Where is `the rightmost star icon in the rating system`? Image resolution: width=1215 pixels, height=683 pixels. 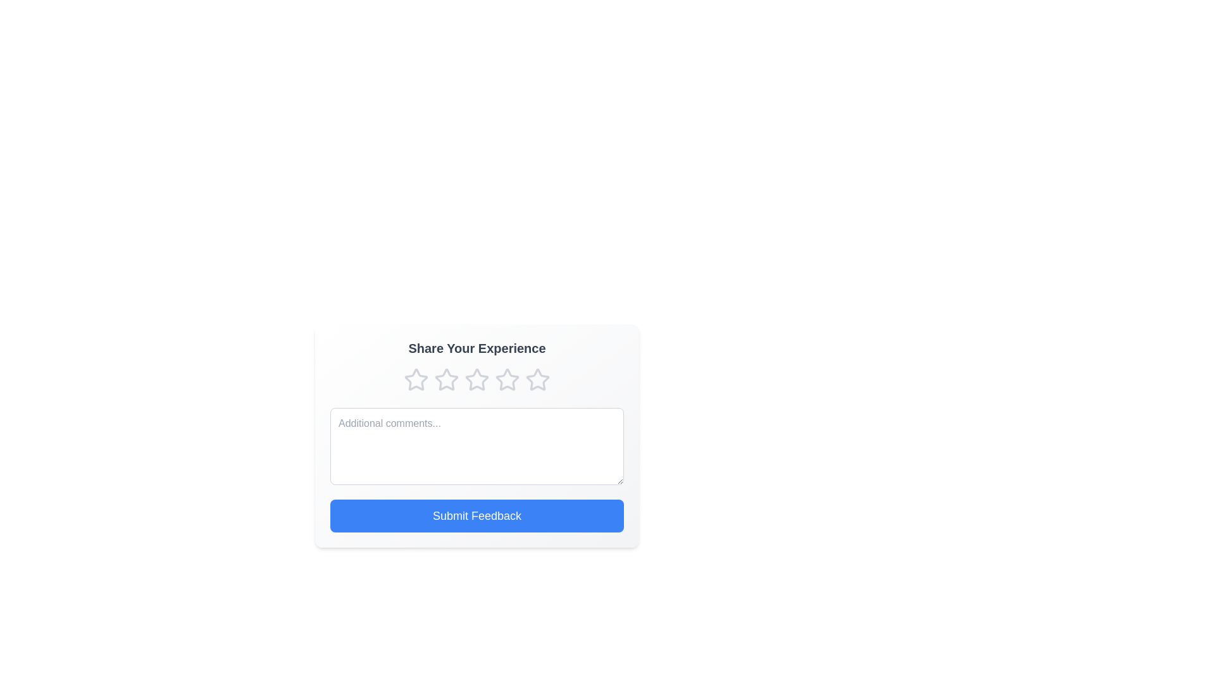 the rightmost star icon in the rating system is located at coordinates (537, 379).